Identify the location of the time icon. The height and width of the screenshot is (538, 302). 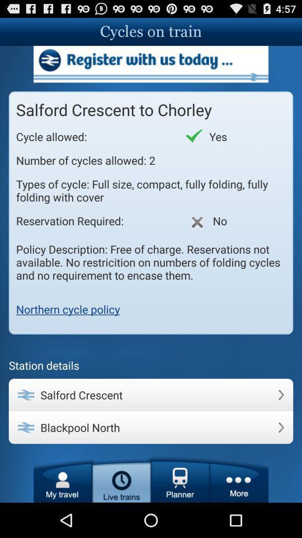
(121, 512).